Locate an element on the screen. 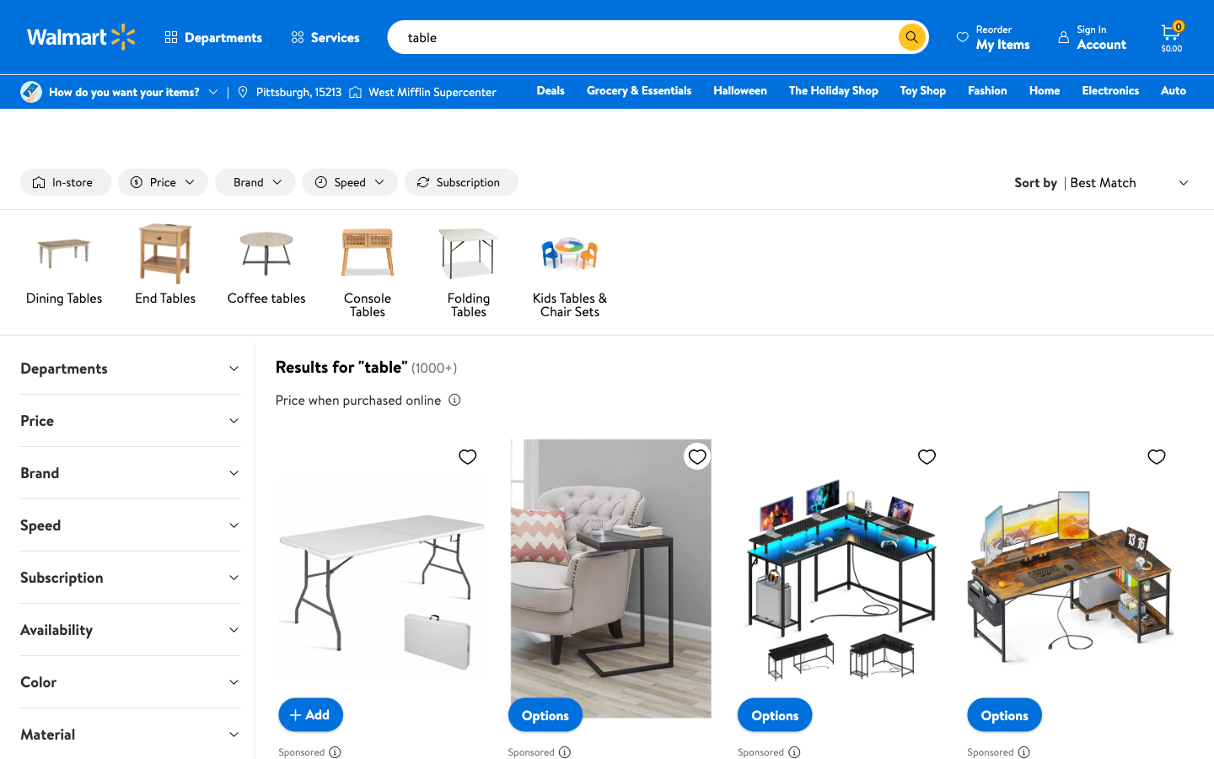 The width and height of the screenshot is (1214, 759). the pop-up displaying the pricing information is located at coordinates (453, 399).